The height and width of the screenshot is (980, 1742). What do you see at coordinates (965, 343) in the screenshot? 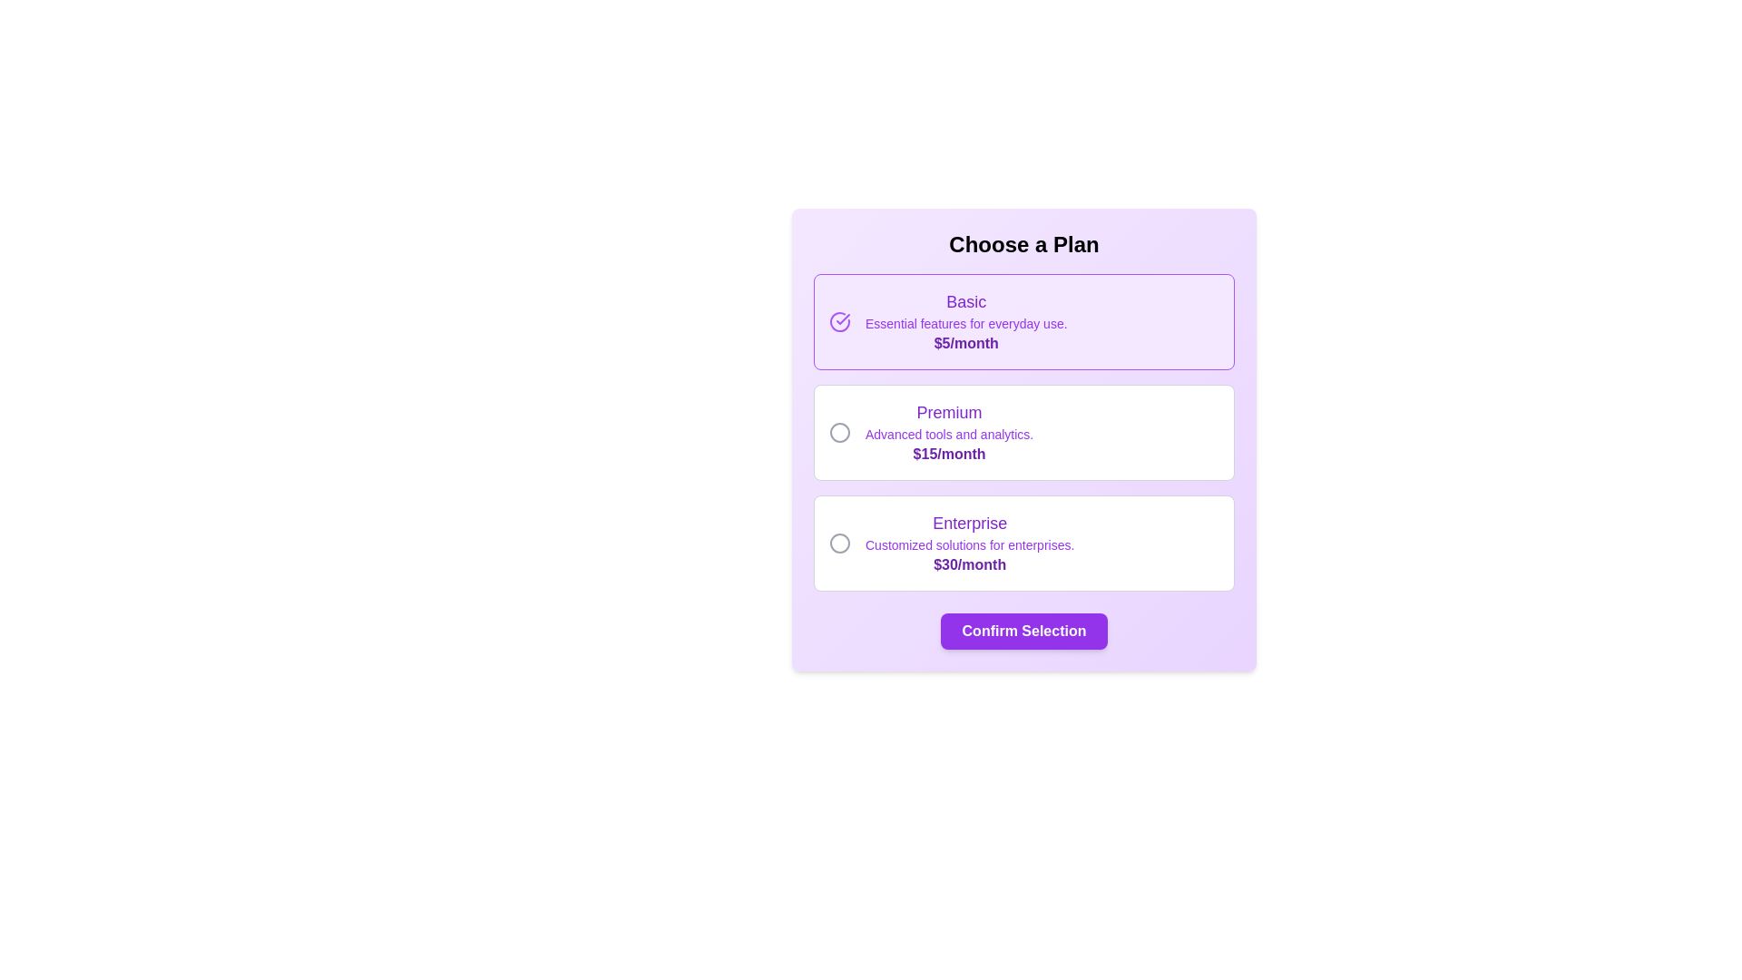
I see `text stating '$5/month' in bold purple font located in the 'Basic' pricing card, positioned centrally in the upper-middle region of the card` at bounding box center [965, 343].